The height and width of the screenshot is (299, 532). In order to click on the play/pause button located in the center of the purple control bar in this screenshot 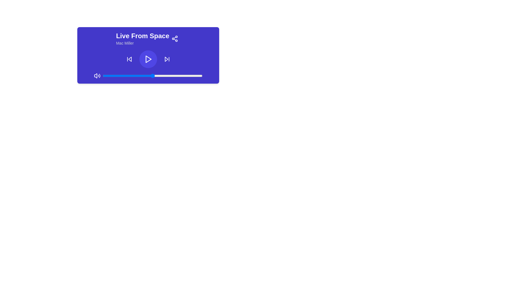, I will do `click(148, 59)`.